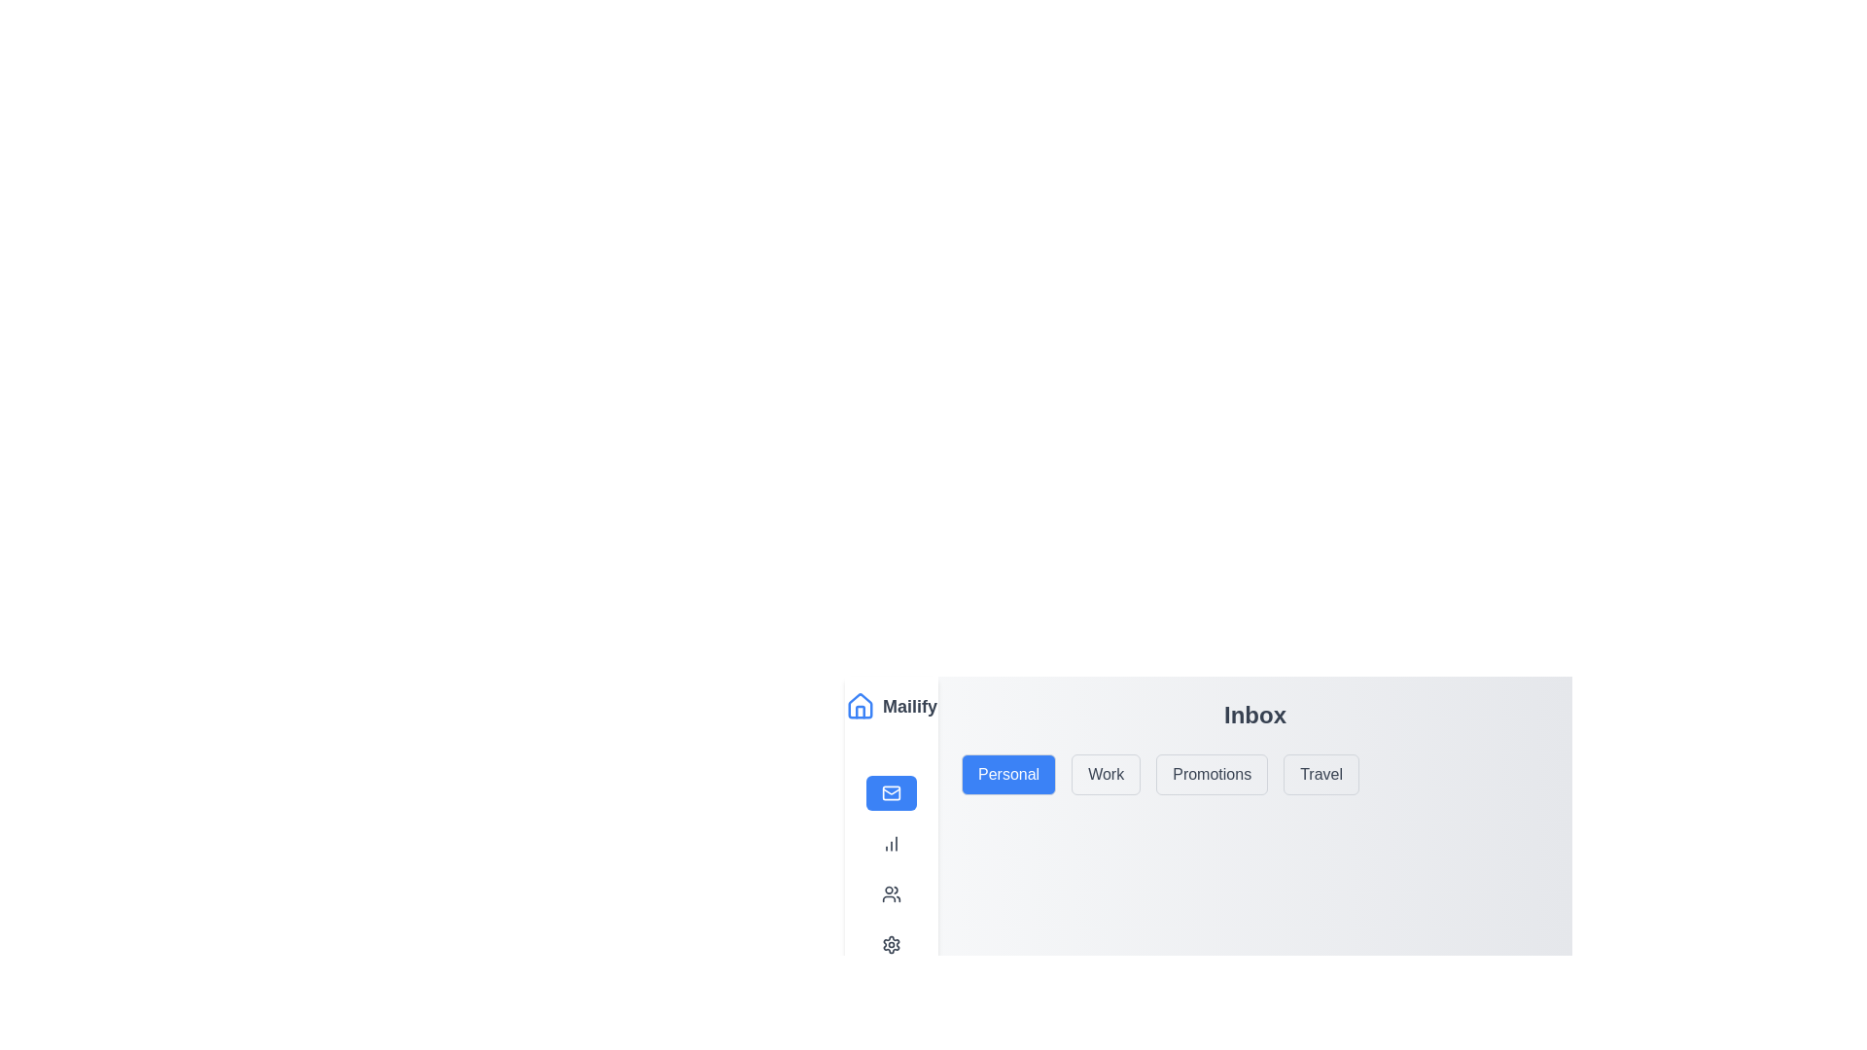 The width and height of the screenshot is (1867, 1050). I want to click on the settings button located at the bottom of the vertical navigation sidebar, directly below the Profile button, so click(890, 944).